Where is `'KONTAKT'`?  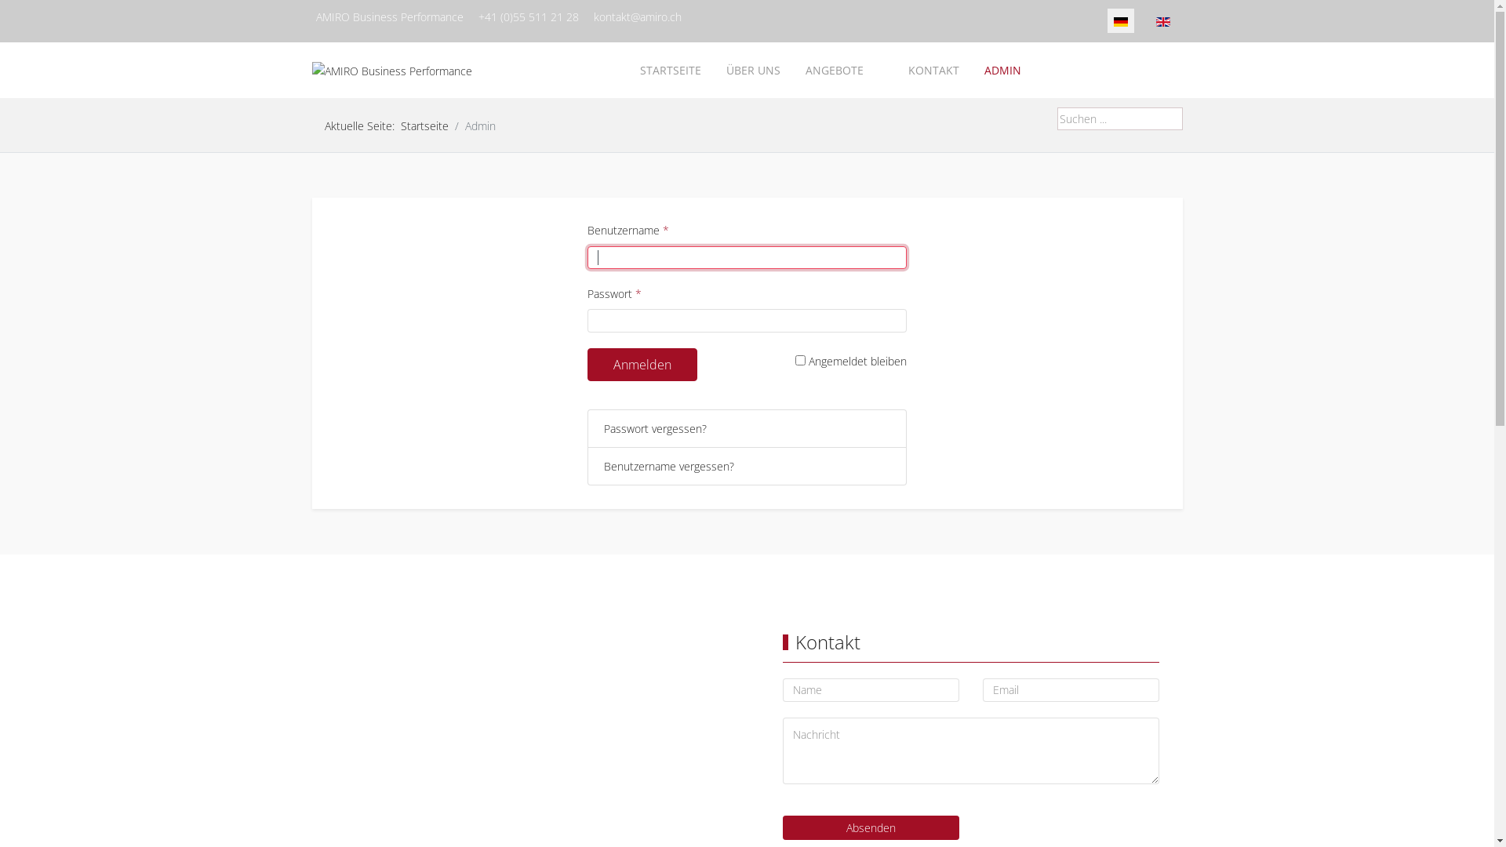 'KONTAKT' is located at coordinates (896, 69).